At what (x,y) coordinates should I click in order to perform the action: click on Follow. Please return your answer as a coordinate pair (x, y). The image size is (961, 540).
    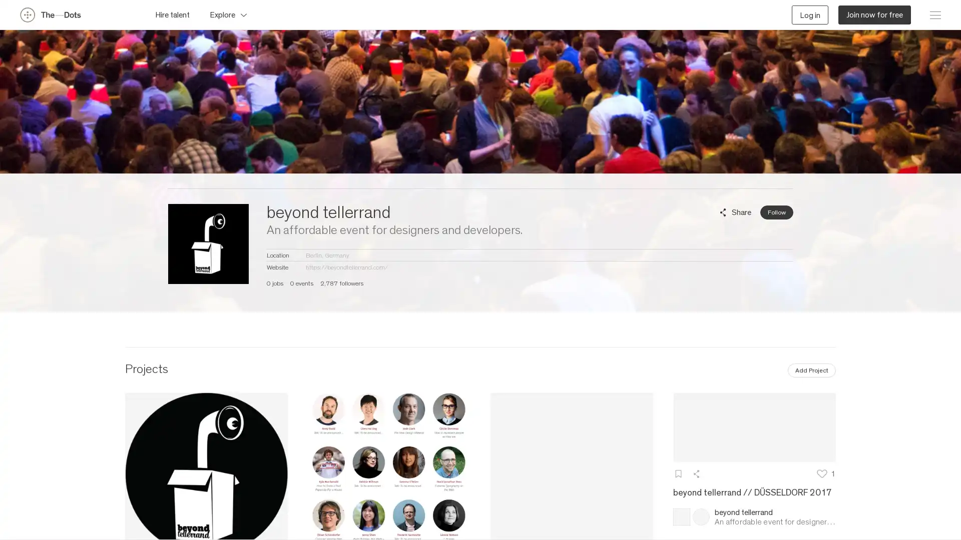
    Looking at the image, I should click on (776, 211).